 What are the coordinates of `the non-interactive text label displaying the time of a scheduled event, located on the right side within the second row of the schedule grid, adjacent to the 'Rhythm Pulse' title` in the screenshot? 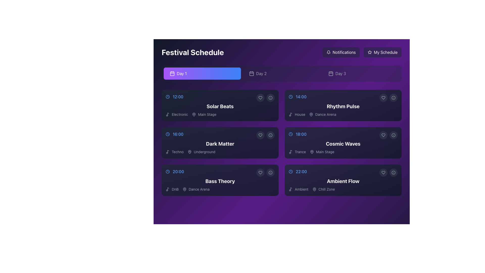 It's located at (301, 97).